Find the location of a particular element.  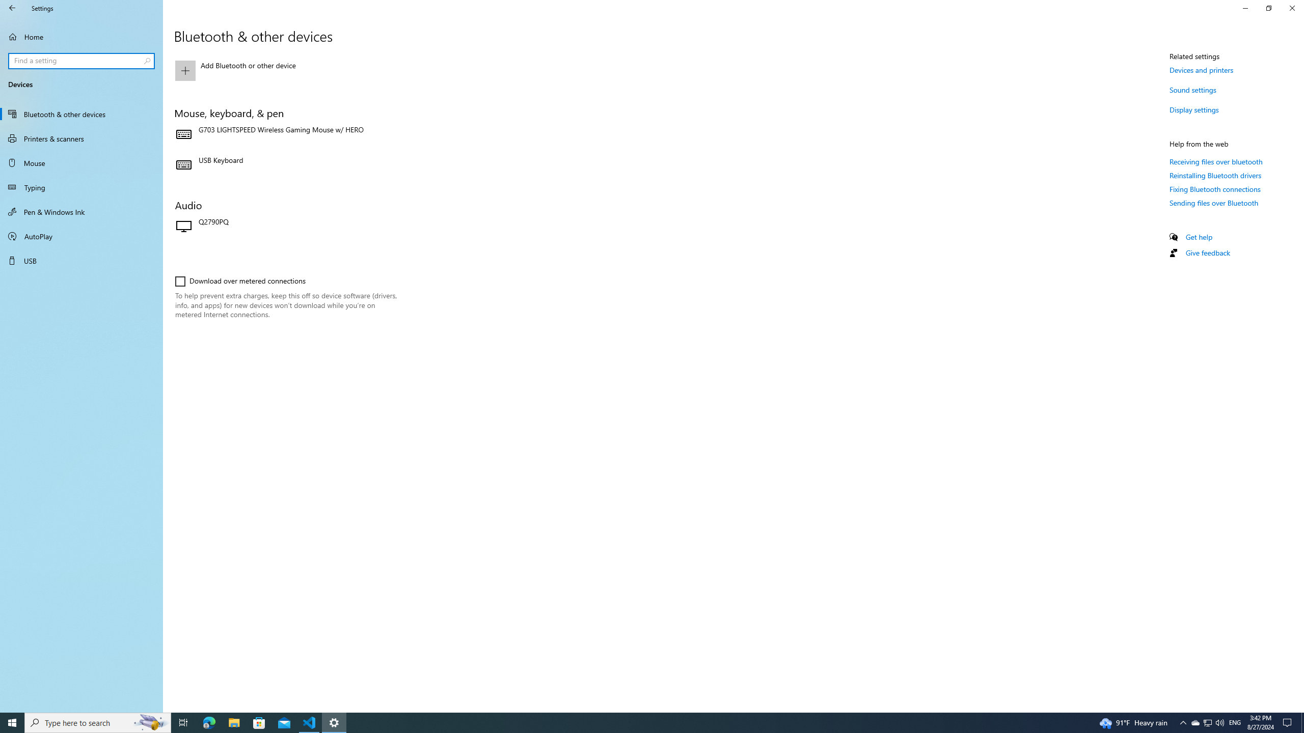

'Mouse' is located at coordinates (81, 162).